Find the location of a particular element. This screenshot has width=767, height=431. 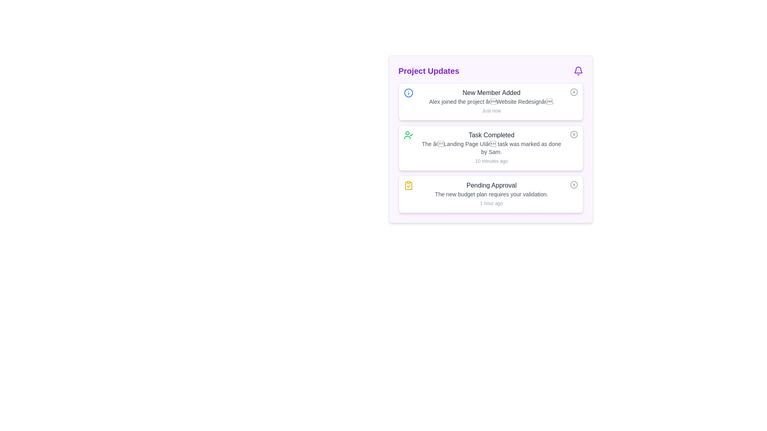

the 'Task Completed' notification text, which is styled as bold and prominent, indicating it is interactive is located at coordinates (491, 148).